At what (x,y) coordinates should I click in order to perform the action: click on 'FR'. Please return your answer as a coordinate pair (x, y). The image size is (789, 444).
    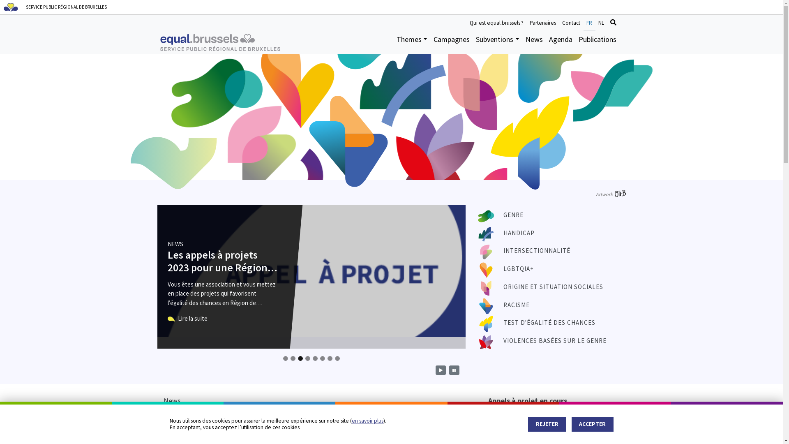
    Looking at the image, I should click on (589, 22).